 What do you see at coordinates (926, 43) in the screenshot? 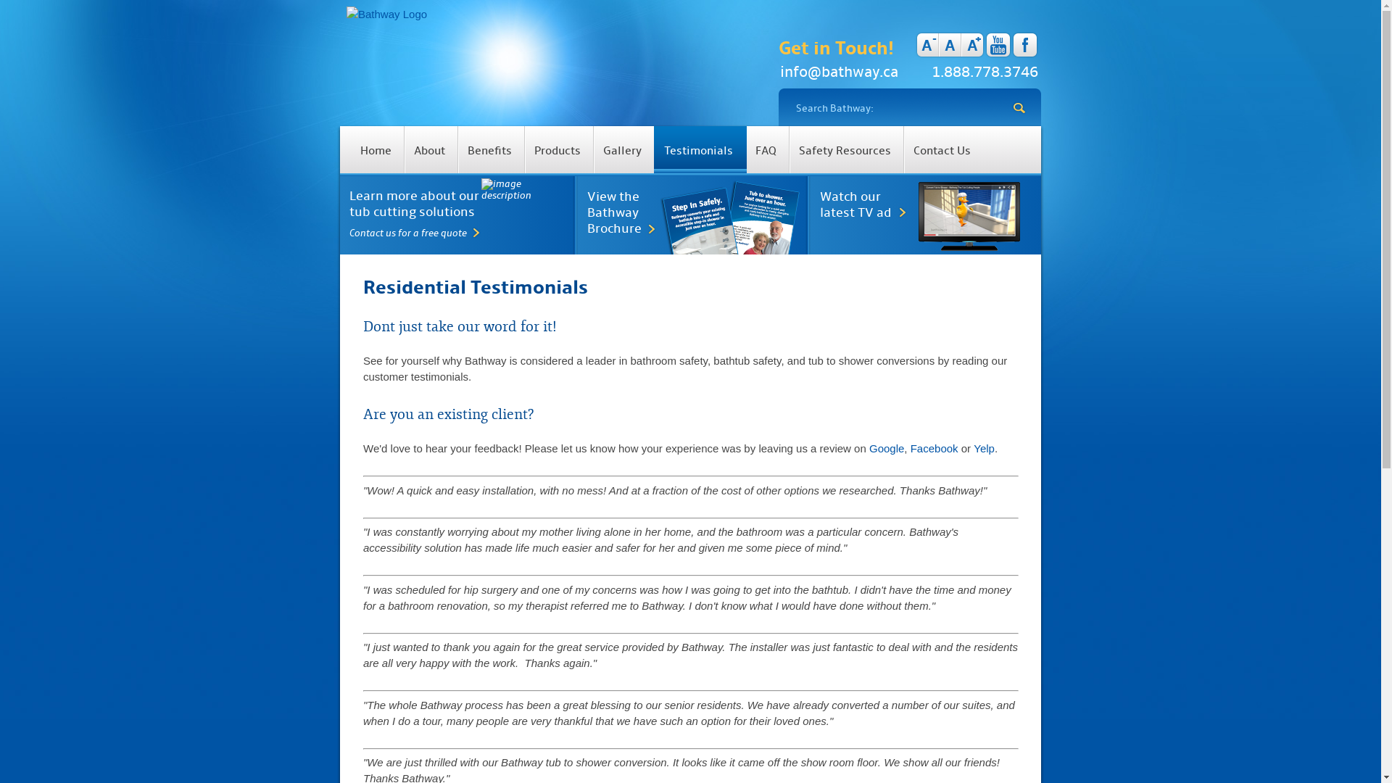
I see `'A` at bounding box center [926, 43].